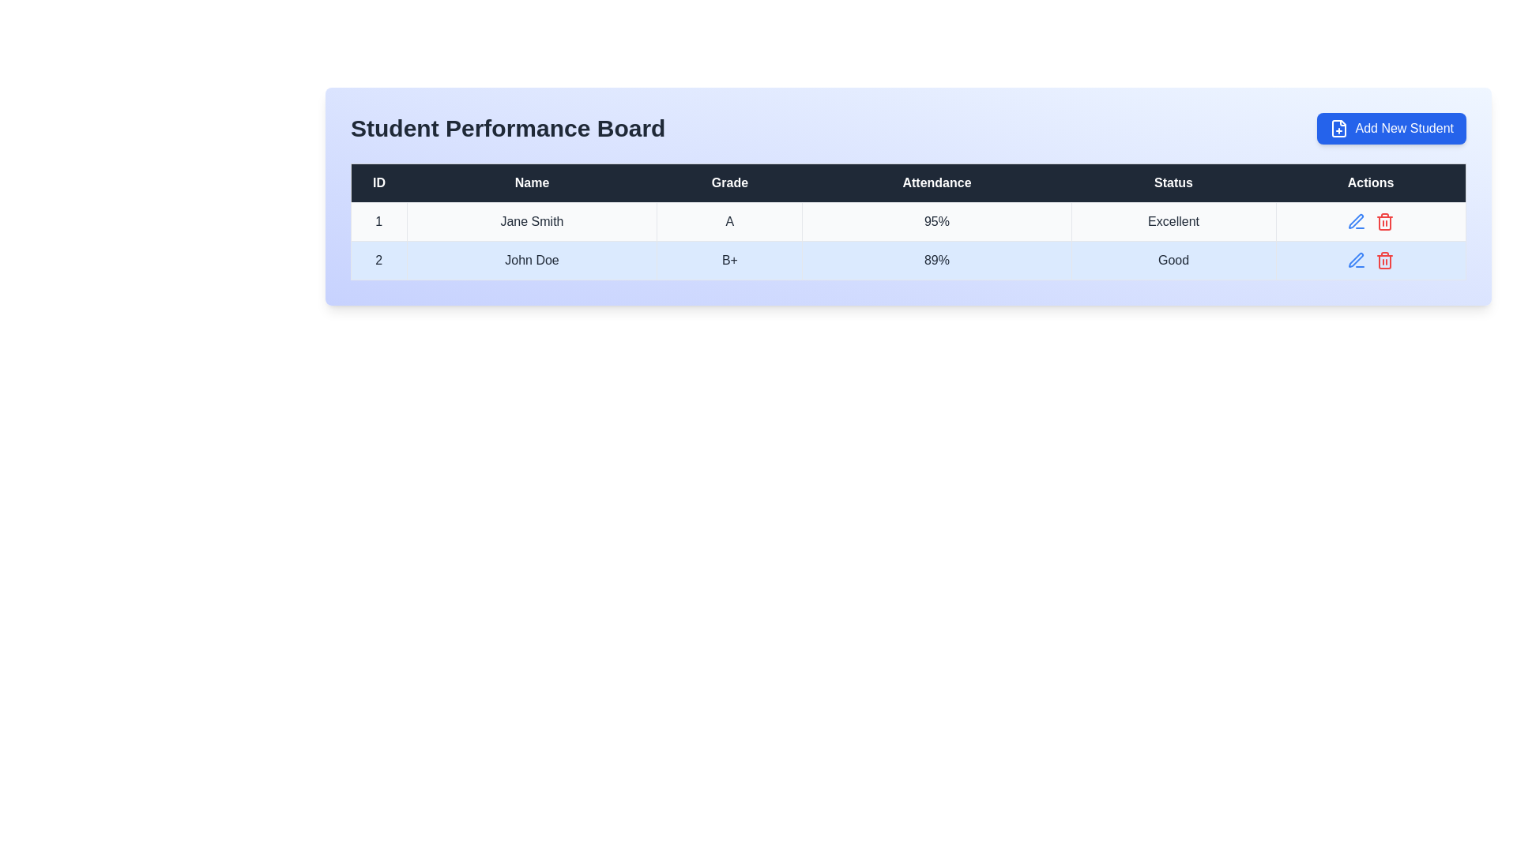 The height and width of the screenshot is (853, 1517). Describe the element at coordinates (909, 182) in the screenshot. I see `the header row of the table component, which has a dark gray background and contains the column titles 'ID', 'Name', 'Grade', 'Attendance', 'Status', and 'Actions'` at that location.